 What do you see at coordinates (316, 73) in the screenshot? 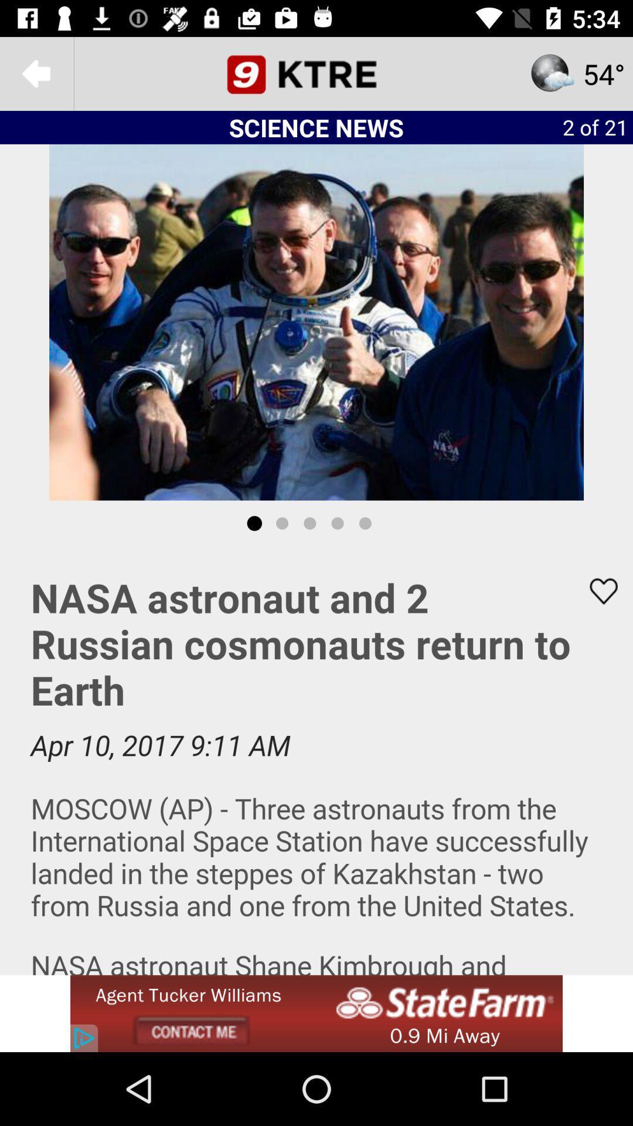
I see `news channel` at bounding box center [316, 73].